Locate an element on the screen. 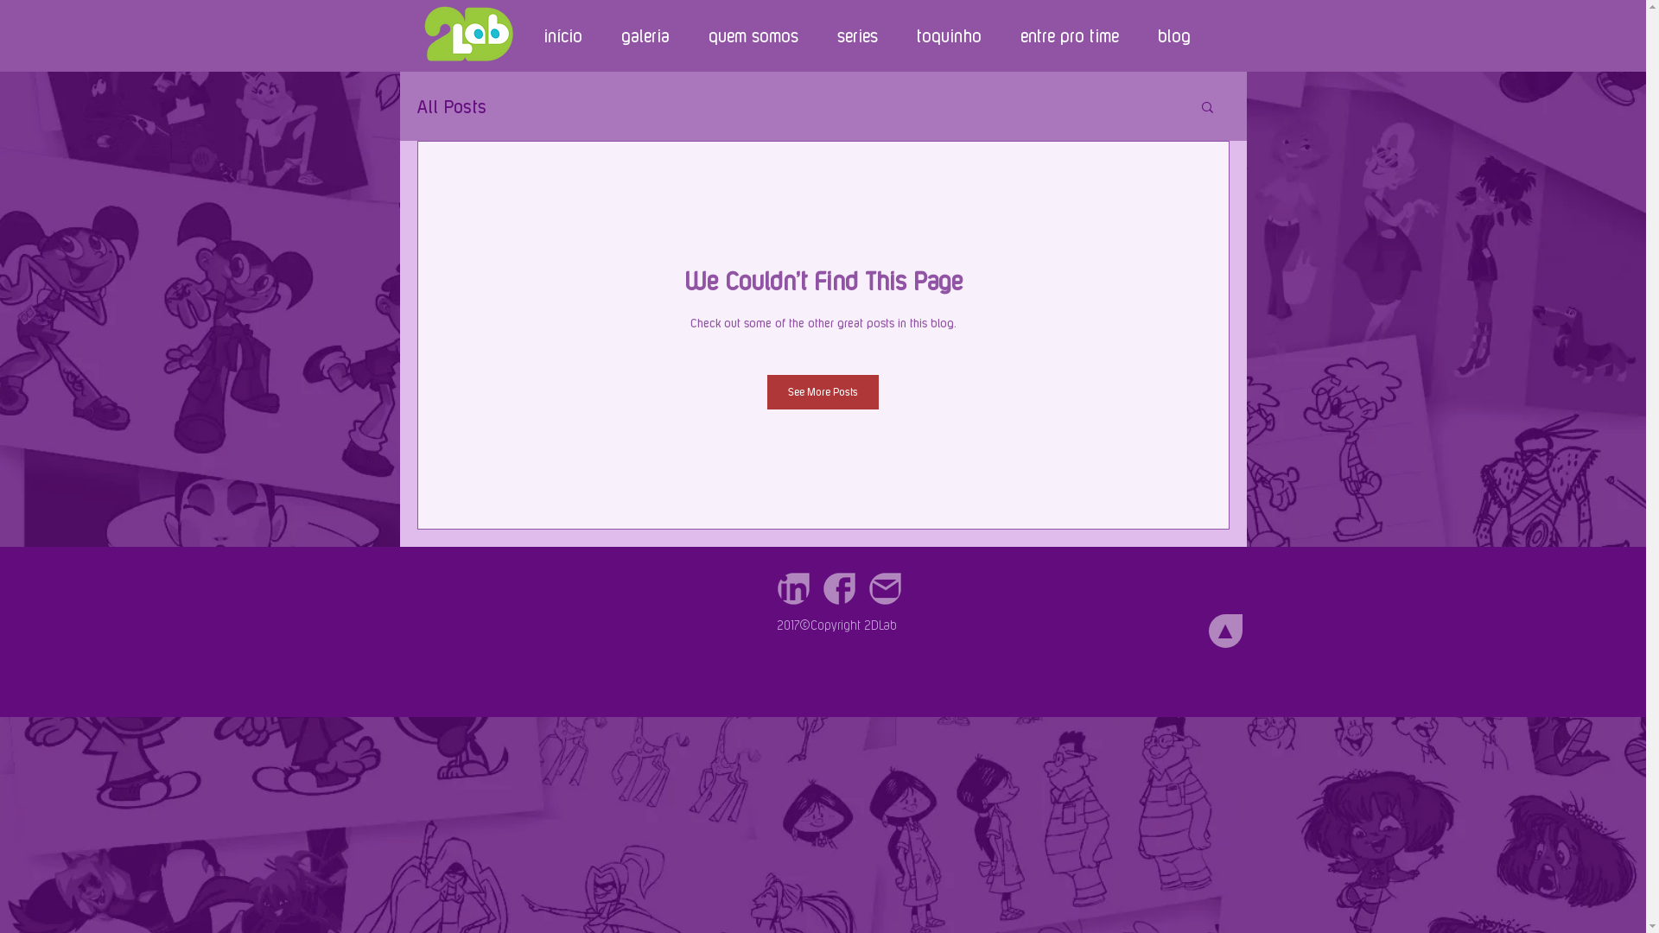 The image size is (1659, 933). 'galeria' is located at coordinates (601, 35).